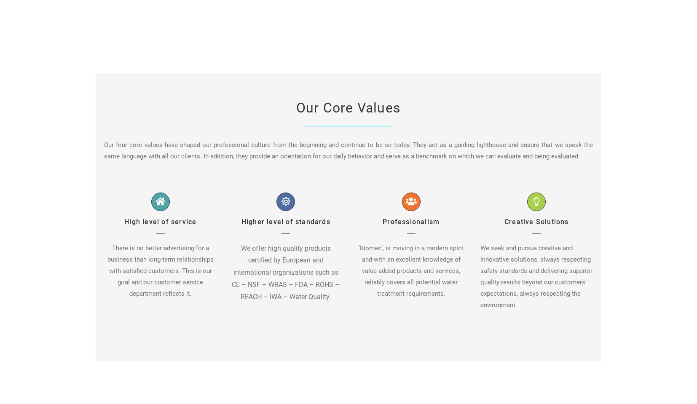  What do you see at coordinates (160, 221) in the screenshot?
I see `'High level of service'` at bounding box center [160, 221].